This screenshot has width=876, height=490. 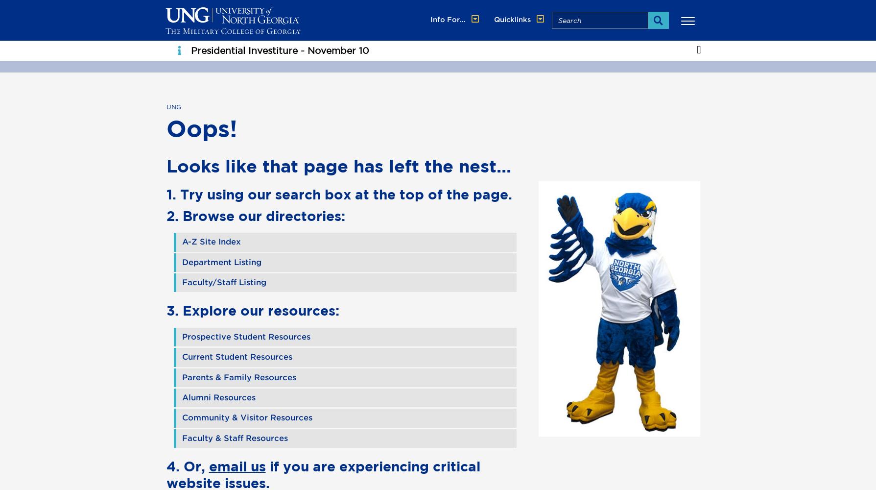 I want to click on '2. Browse our directories:', so click(x=255, y=215).